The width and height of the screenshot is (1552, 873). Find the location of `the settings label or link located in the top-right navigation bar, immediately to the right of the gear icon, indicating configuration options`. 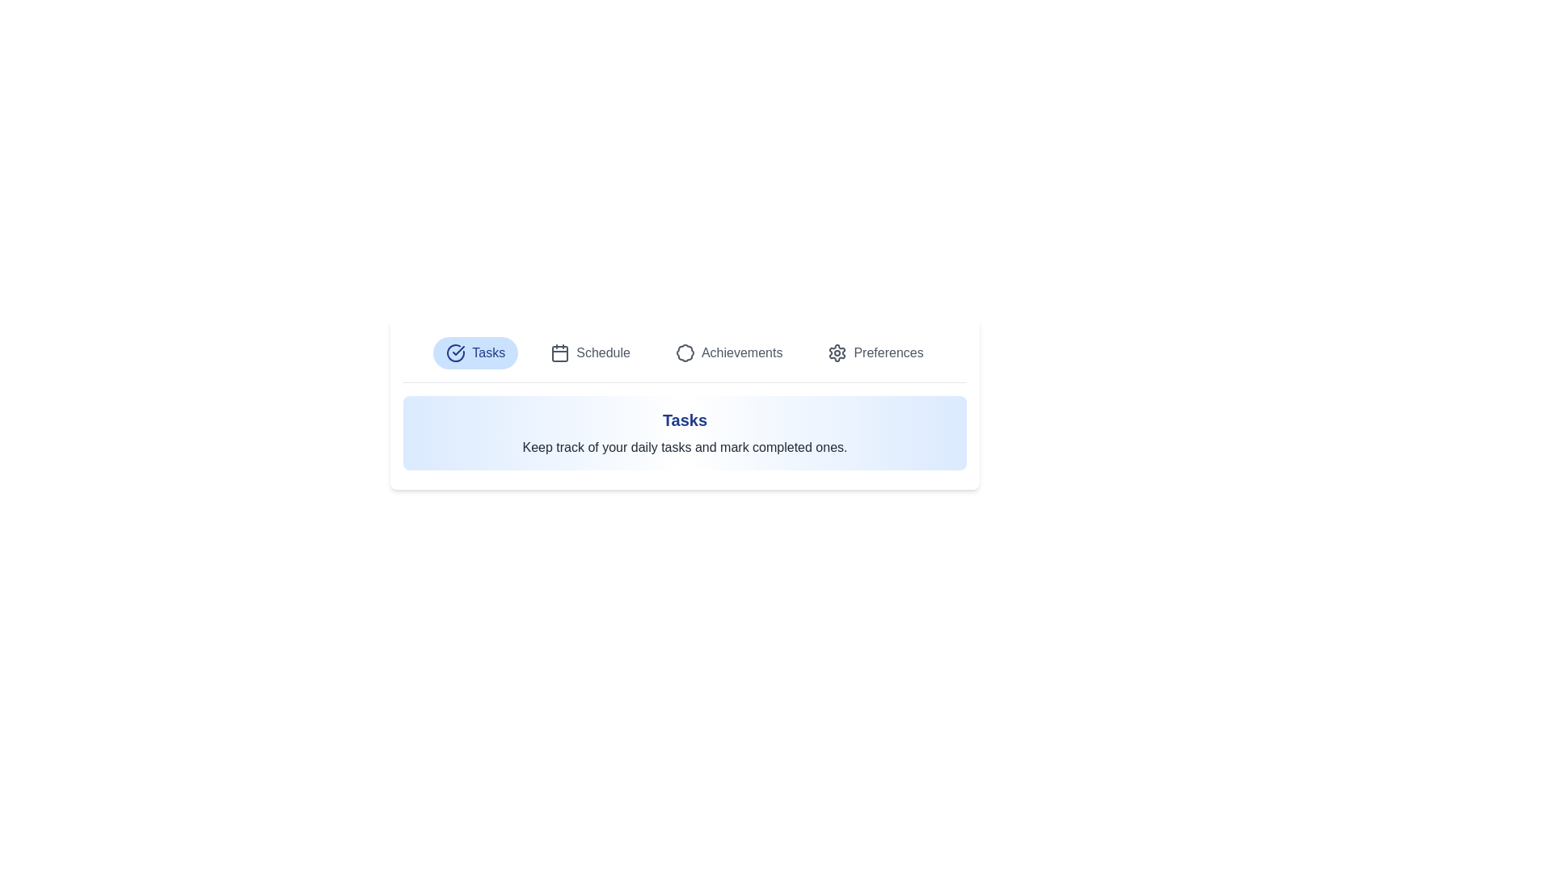

the settings label or link located in the top-right navigation bar, immediately to the right of the gear icon, indicating configuration options is located at coordinates (888, 352).